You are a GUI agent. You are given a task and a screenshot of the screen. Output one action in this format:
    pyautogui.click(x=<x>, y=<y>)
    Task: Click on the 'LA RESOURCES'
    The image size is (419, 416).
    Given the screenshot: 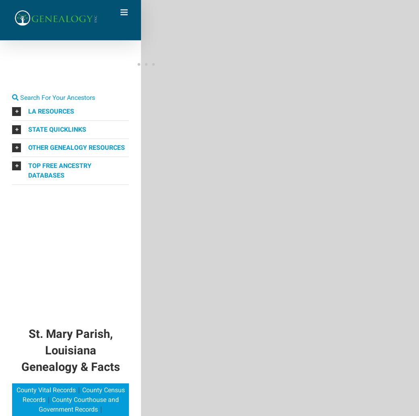 What is the action you would take?
    pyautogui.click(x=50, y=110)
    